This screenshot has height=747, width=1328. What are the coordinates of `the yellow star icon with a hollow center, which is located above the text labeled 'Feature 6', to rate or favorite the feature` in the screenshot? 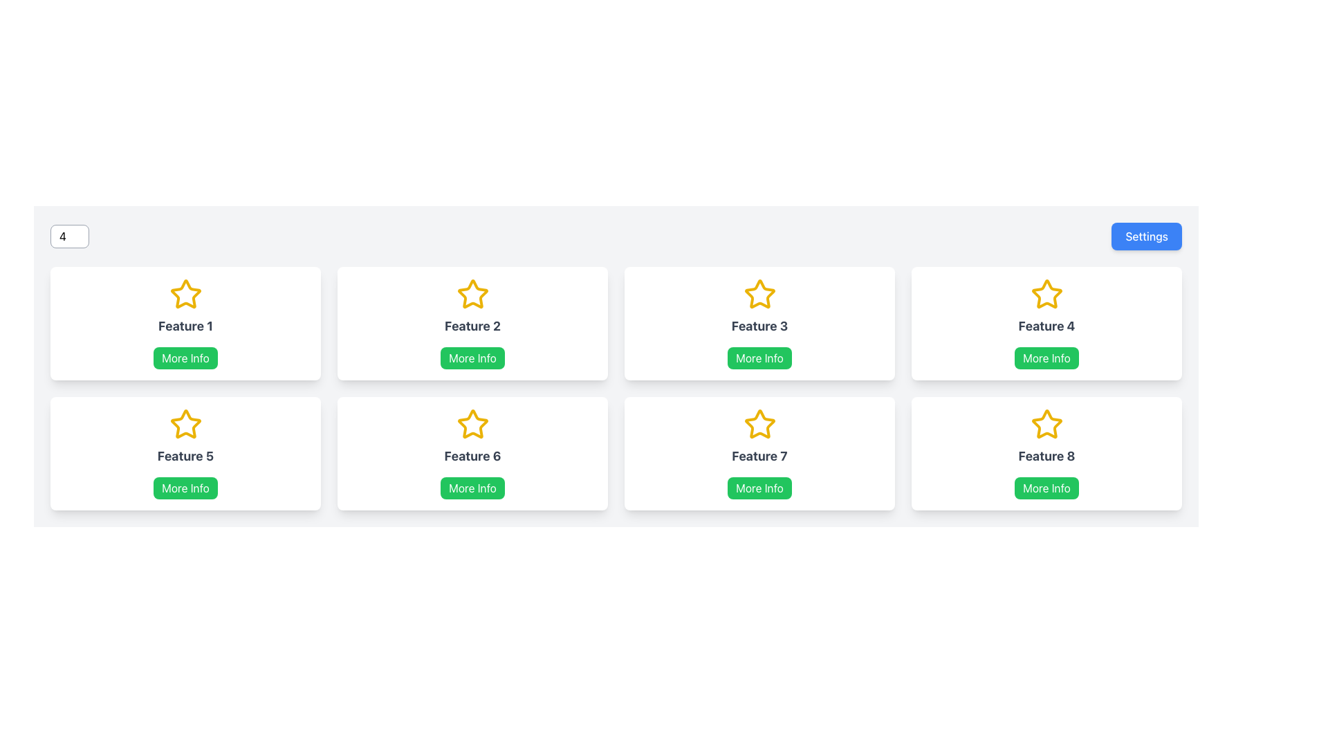 It's located at (472, 423).